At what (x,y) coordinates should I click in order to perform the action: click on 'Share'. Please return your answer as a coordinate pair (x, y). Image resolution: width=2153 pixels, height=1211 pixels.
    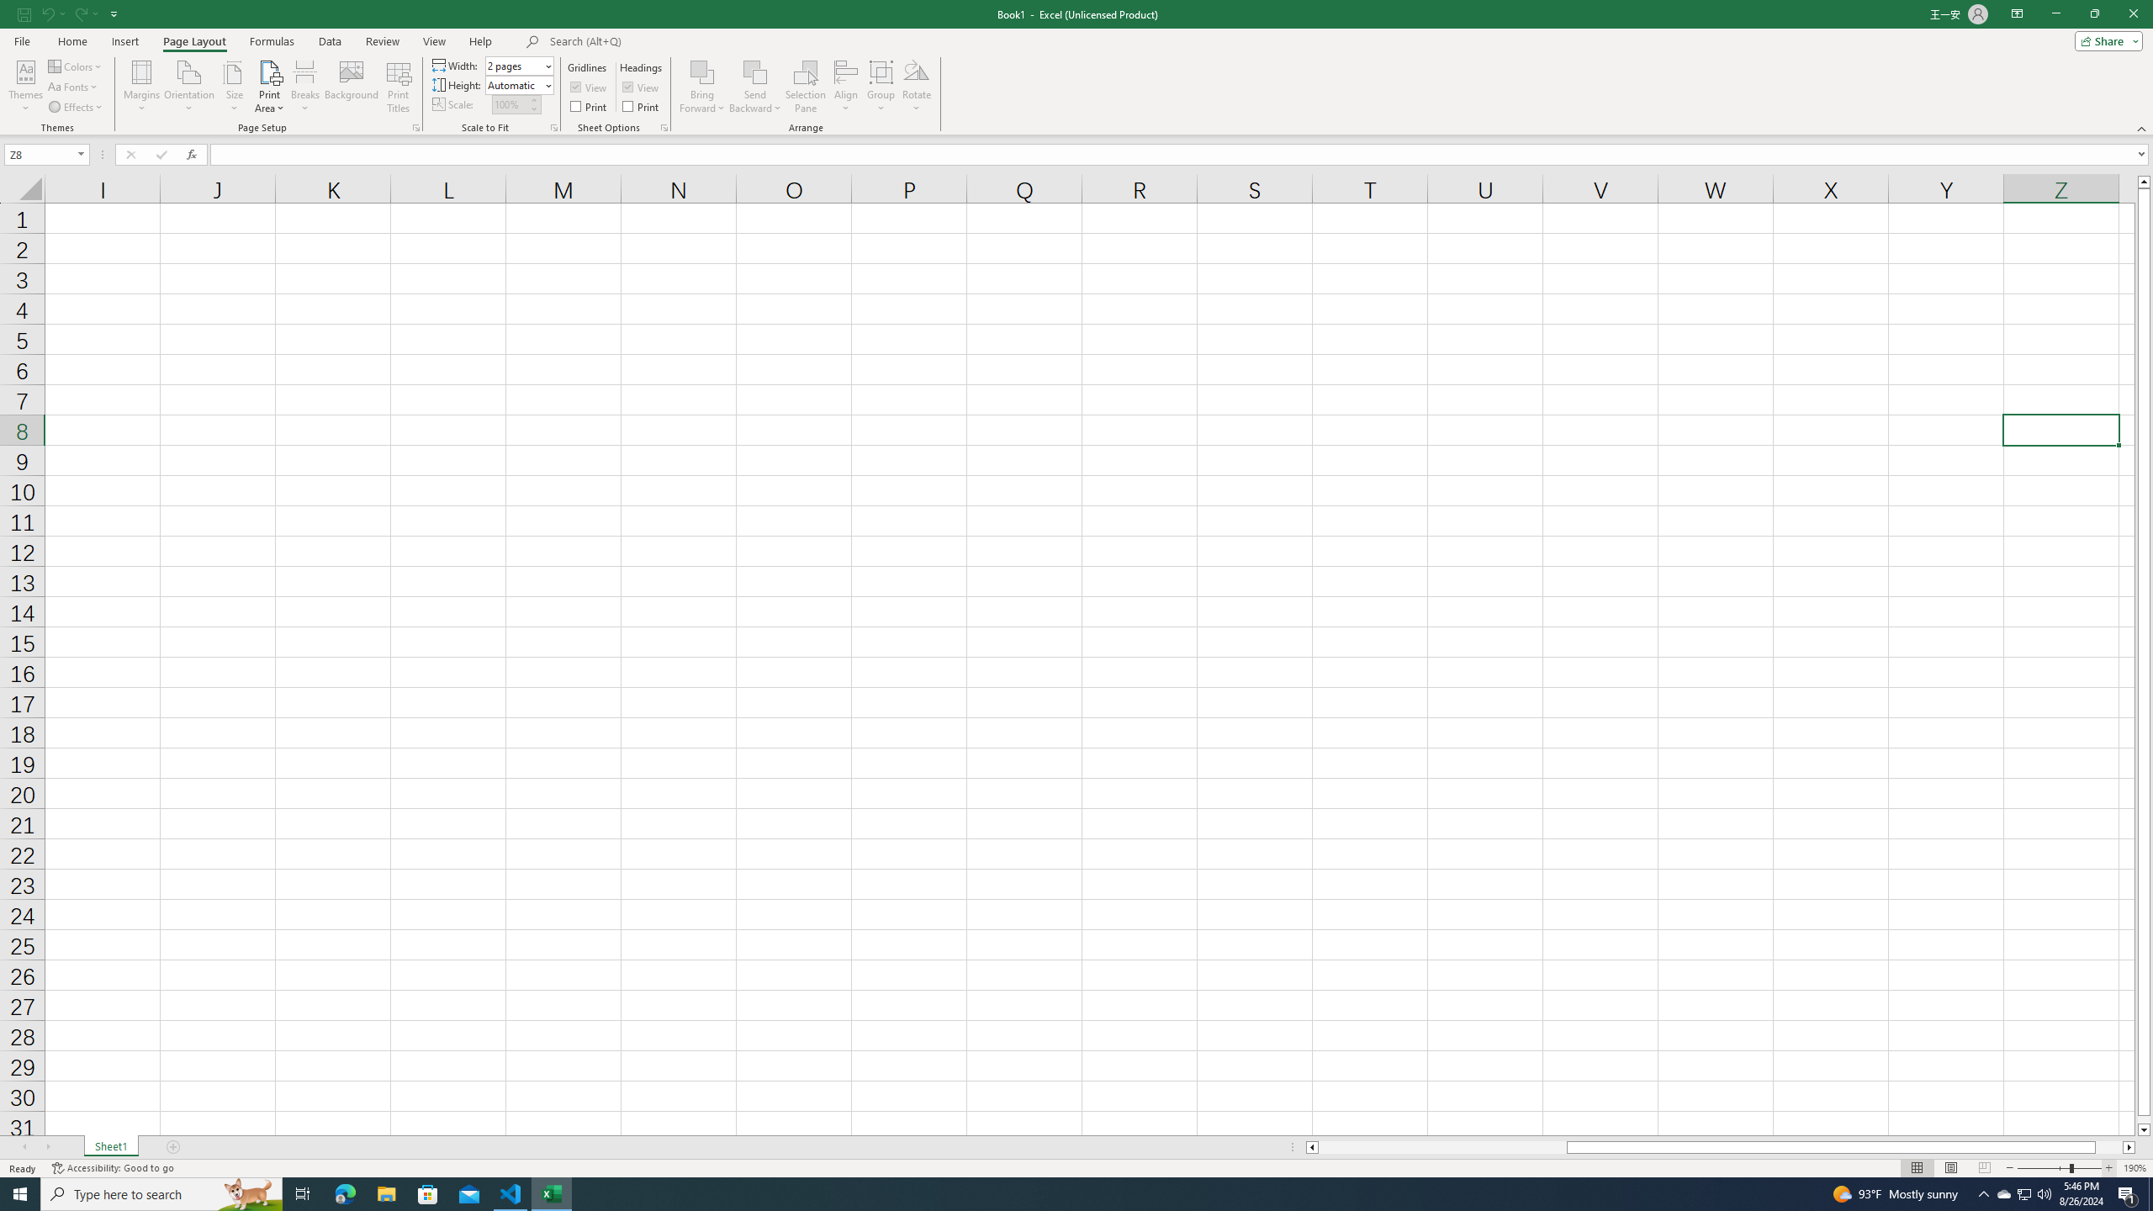
    Looking at the image, I should click on (2104, 40).